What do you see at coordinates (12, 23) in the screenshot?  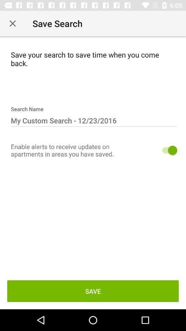 I see `exit` at bounding box center [12, 23].